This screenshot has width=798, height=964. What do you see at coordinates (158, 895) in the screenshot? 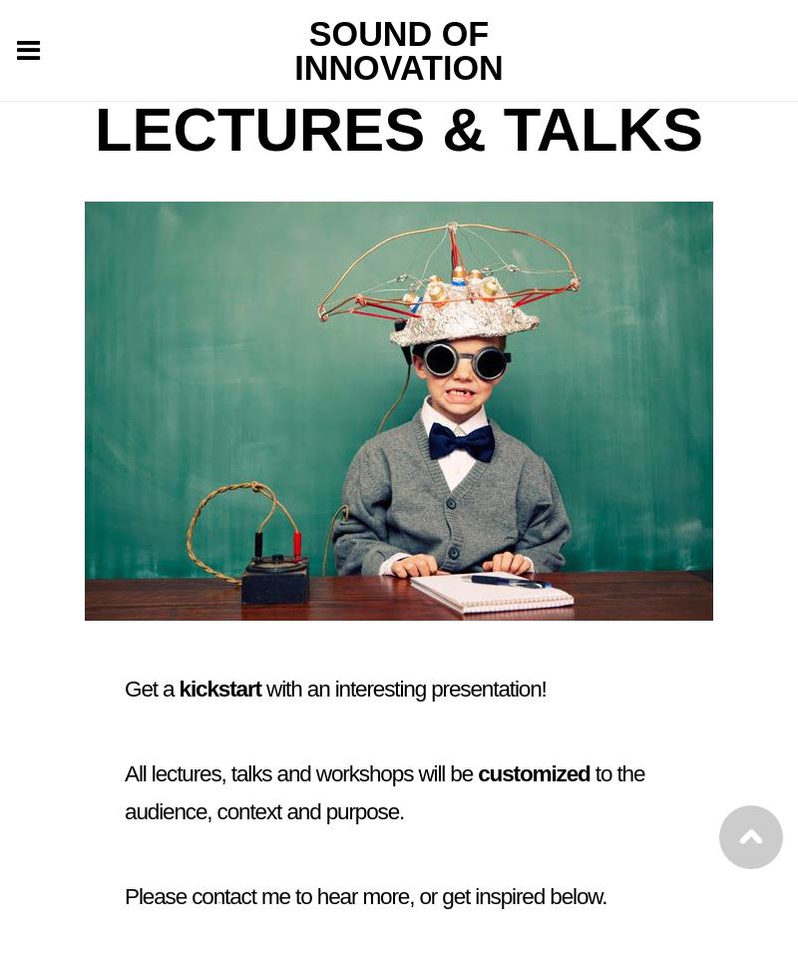
I see `'Please'` at bounding box center [158, 895].